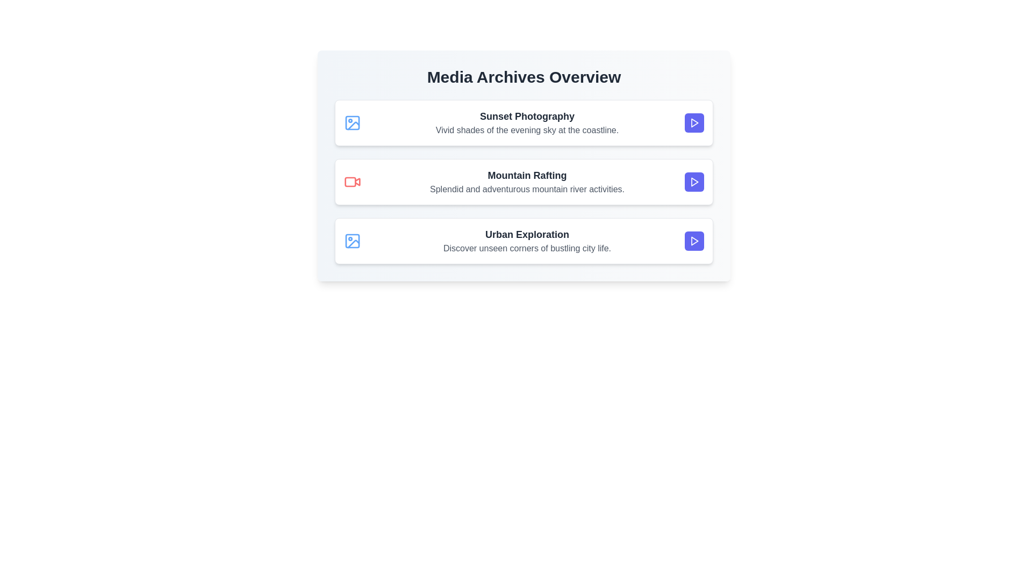 Image resolution: width=1032 pixels, height=580 pixels. What do you see at coordinates (694, 240) in the screenshot?
I see `the play button for the media item titled 'Urban Exploration'` at bounding box center [694, 240].